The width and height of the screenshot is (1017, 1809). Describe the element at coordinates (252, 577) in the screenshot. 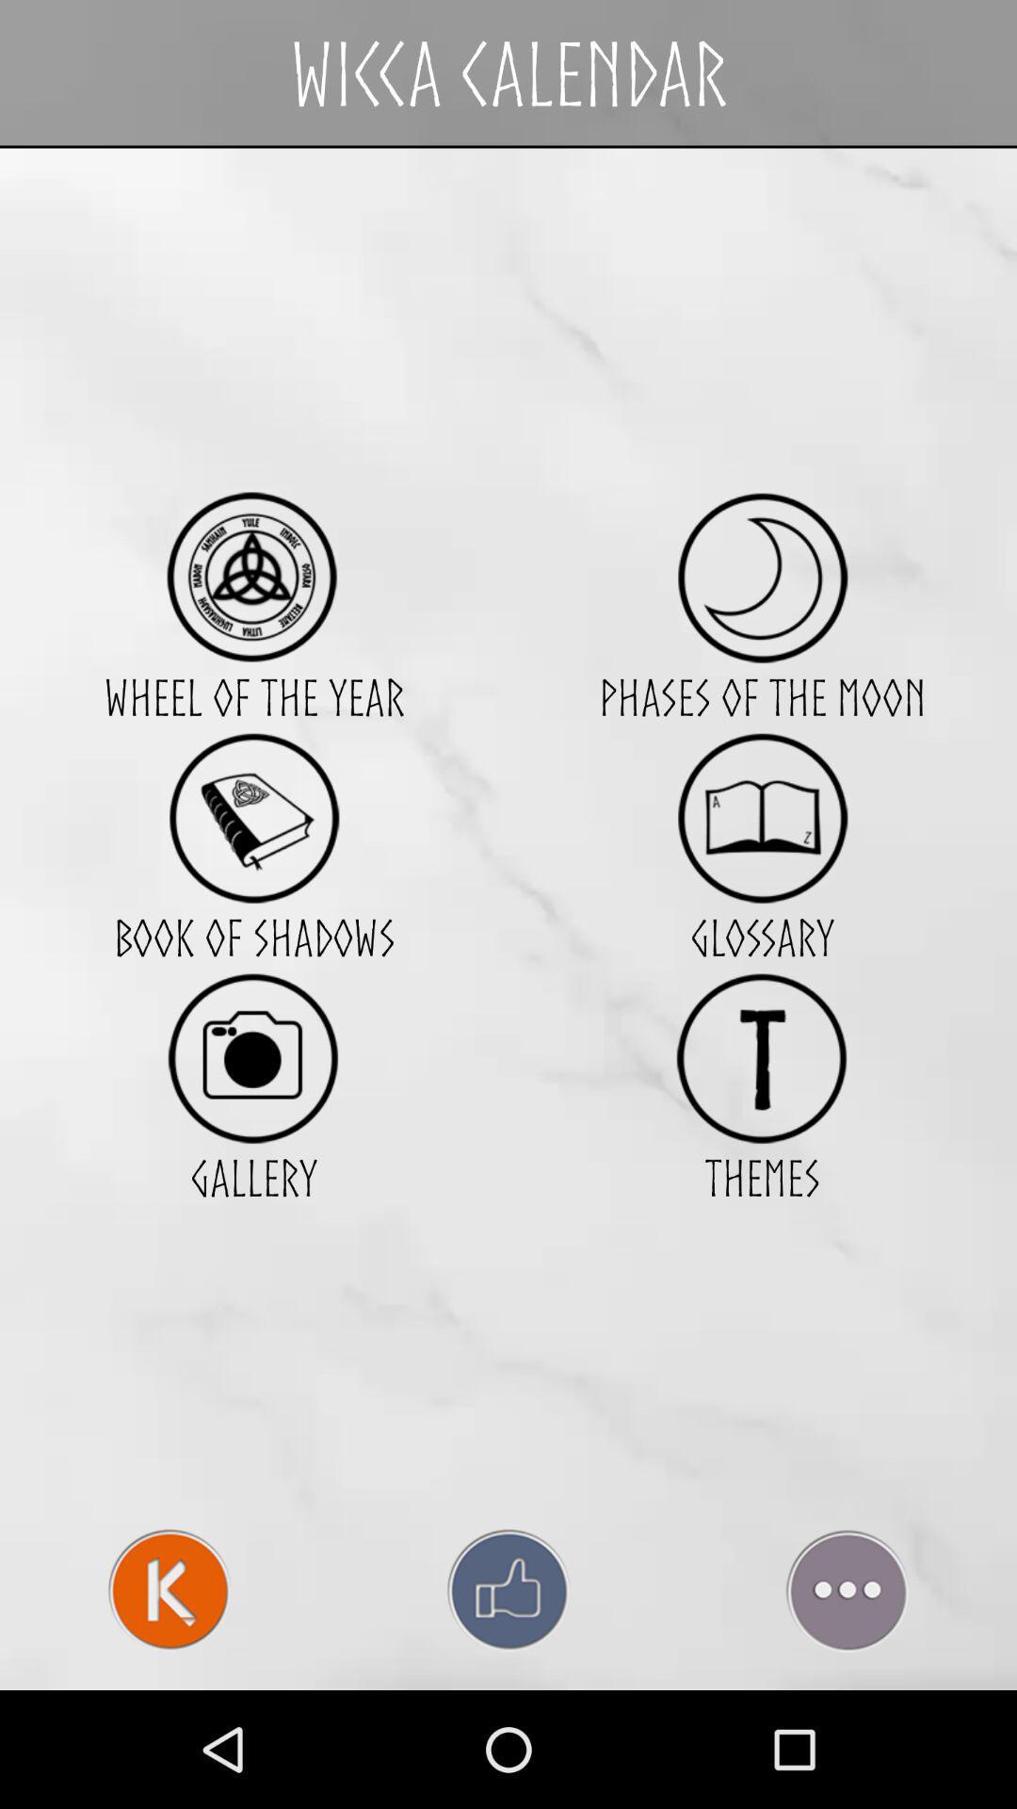

I see `item to the left of the phases of the item` at that location.